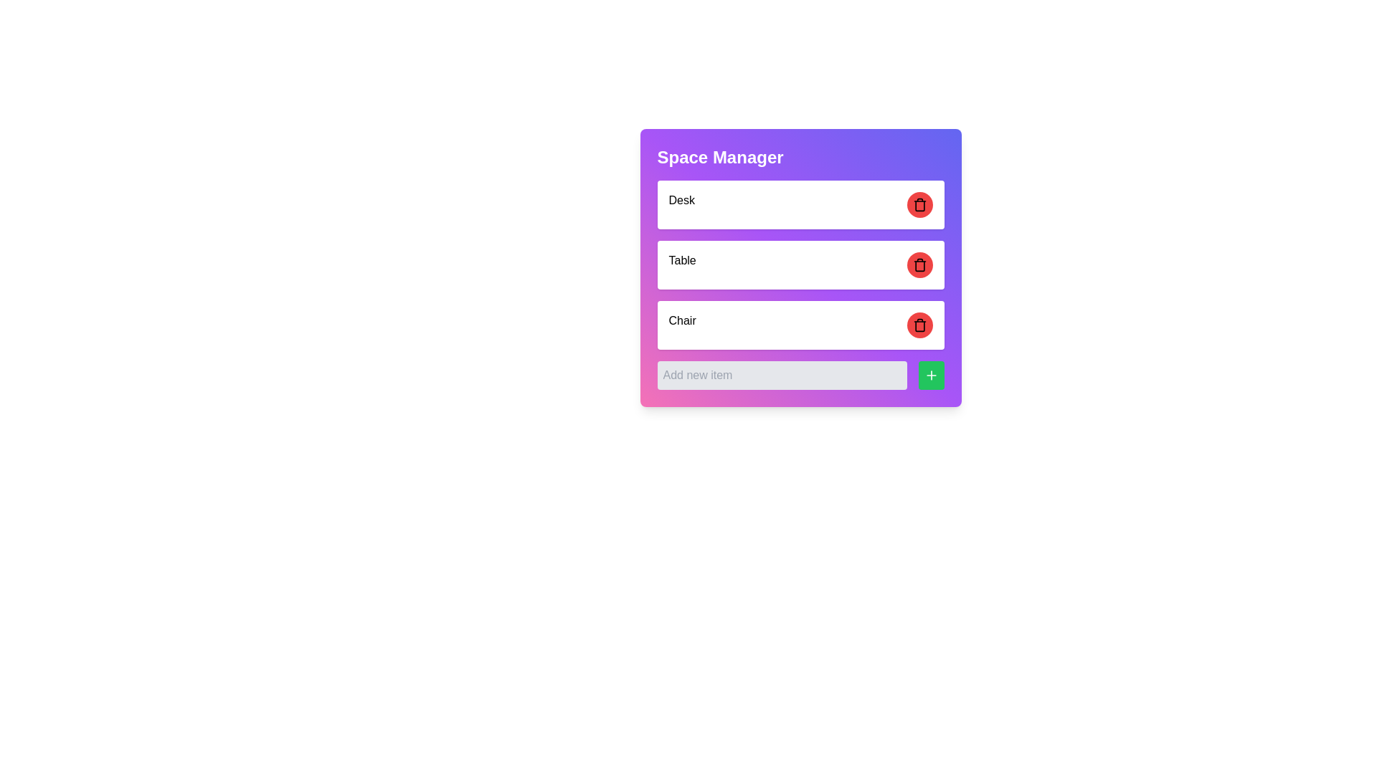 The image size is (1377, 774). What do you see at coordinates (919, 265) in the screenshot?
I see `the delete button located on the right side of the 'Table' row in the 'Space Manager' interface` at bounding box center [919, 265].